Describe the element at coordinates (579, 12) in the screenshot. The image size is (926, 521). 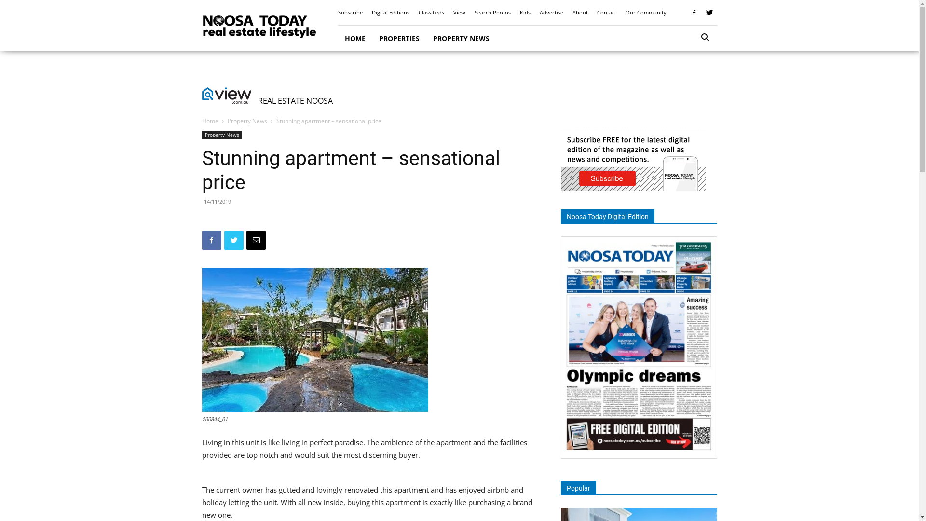
I see `'About'` at that location.